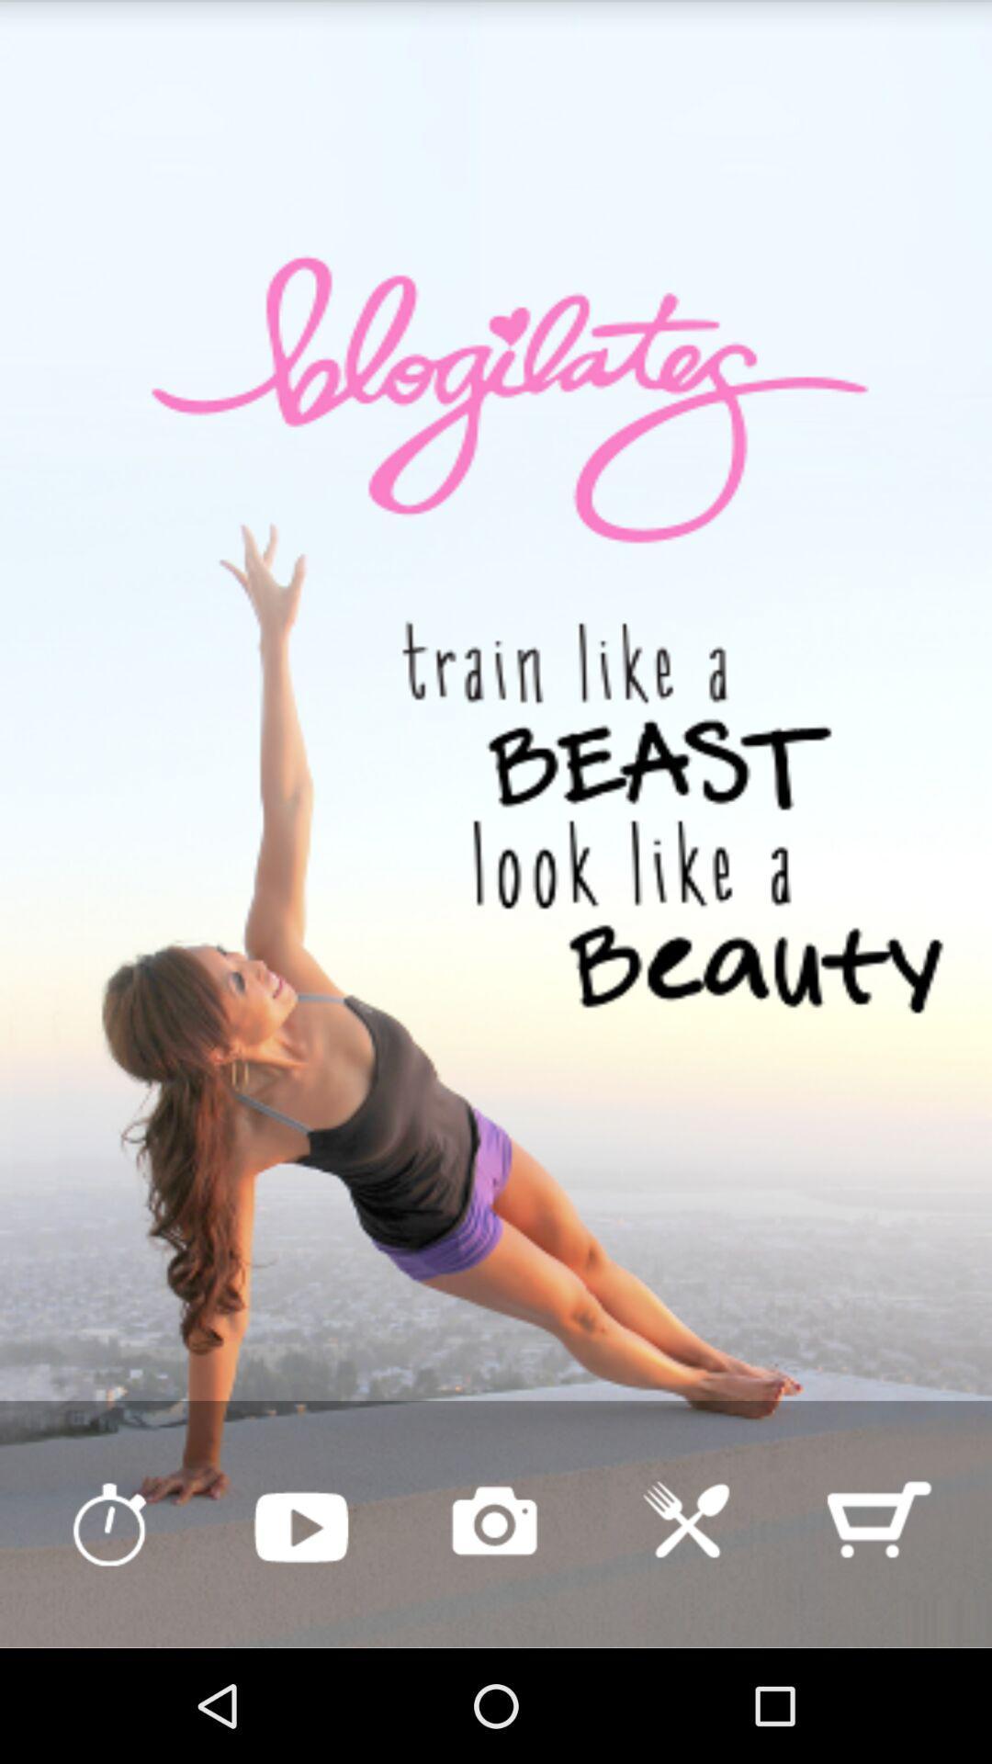 This screenshot has height=1764, width=992. Describe the element at coordinates (493, 1632) in the screenshot. I see `the photo icon` at that location.